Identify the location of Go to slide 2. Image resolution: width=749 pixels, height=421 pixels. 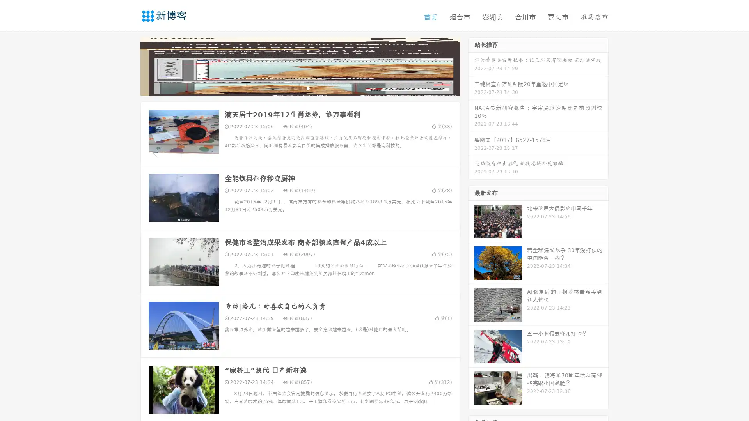
(300, 88).